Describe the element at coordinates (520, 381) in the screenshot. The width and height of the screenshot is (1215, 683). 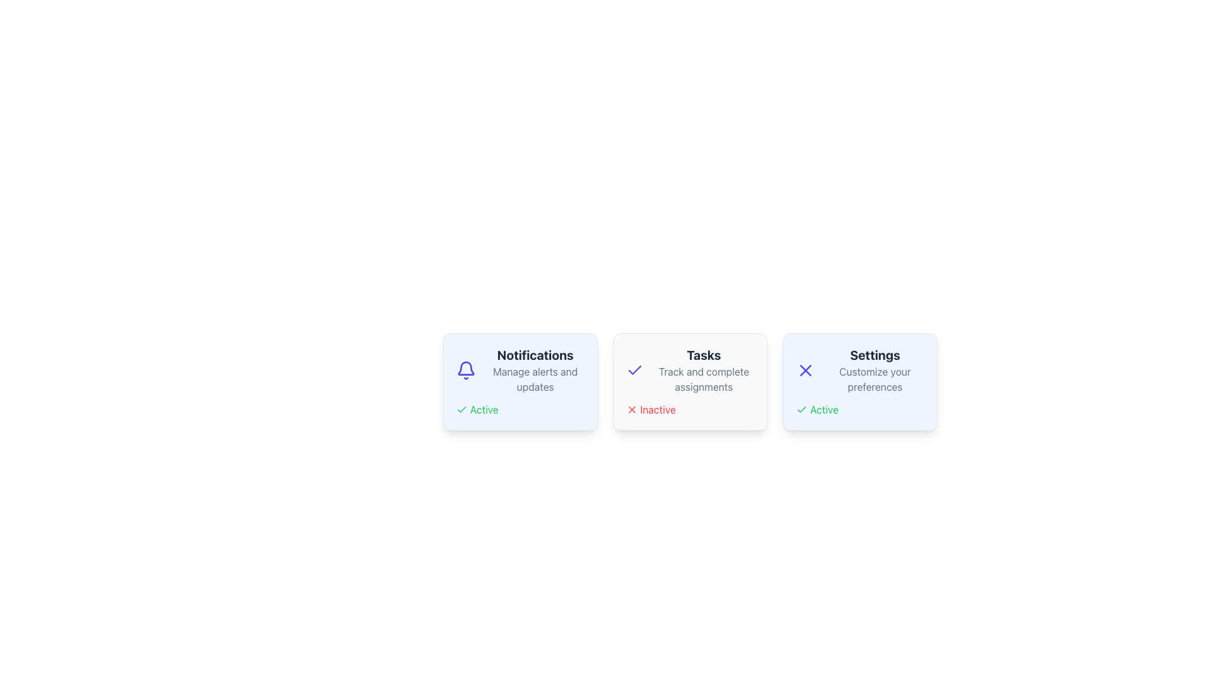
I see `the first card component in the grid layout that represents the notification management feature` at that location.